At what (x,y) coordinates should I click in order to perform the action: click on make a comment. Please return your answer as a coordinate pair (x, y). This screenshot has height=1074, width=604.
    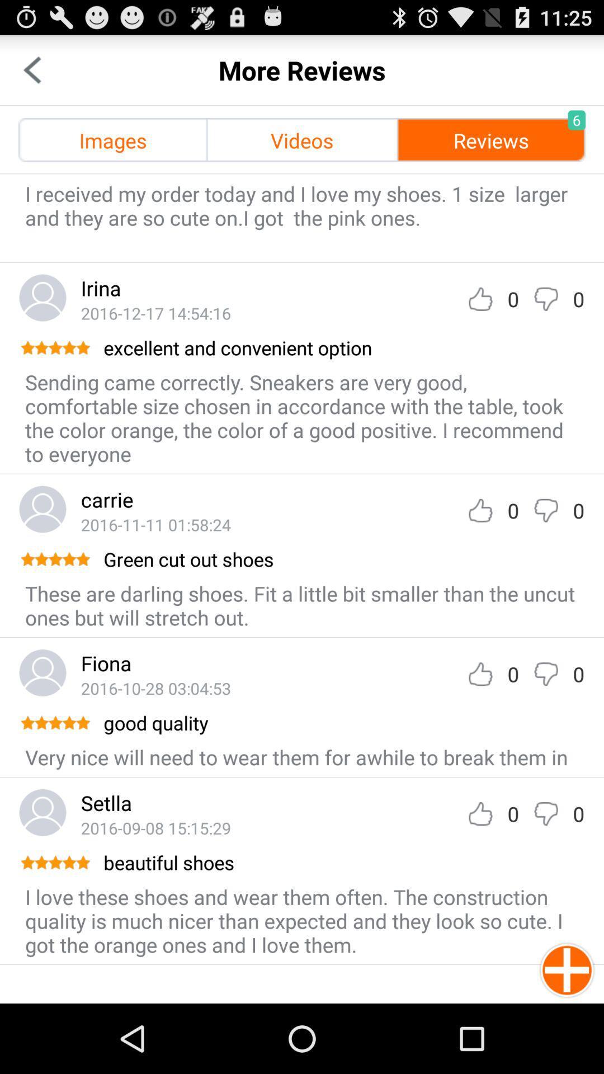
    Looking at the image, I should click on (545, 299).